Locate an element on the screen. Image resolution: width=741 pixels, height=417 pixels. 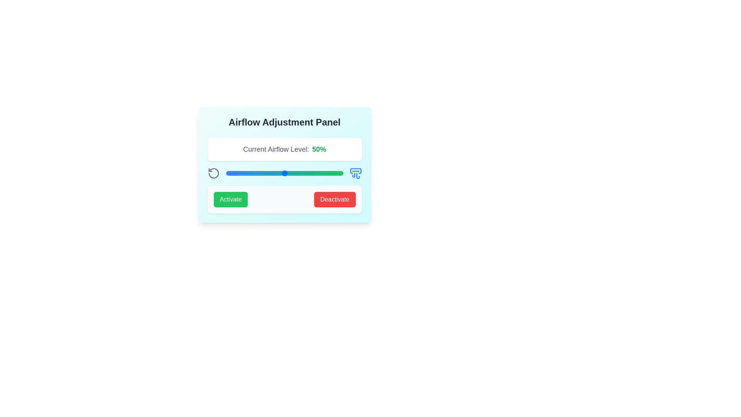
the airflow level to 0% by moving the slider is located at coordinates (225, 173).